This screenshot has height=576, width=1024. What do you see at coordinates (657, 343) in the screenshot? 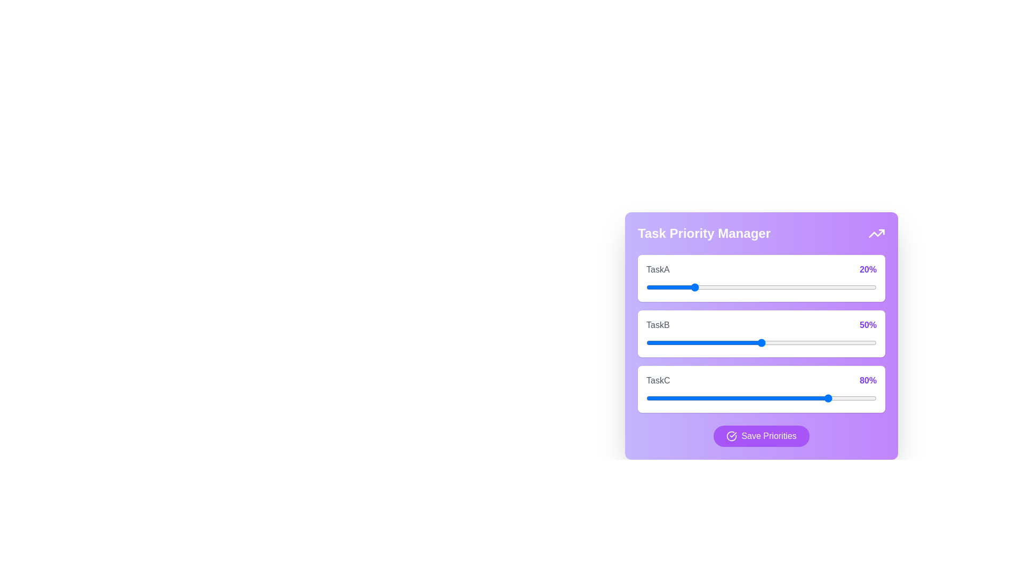
I see `the priority of 1 to 5% using the slider` at bounding box center [657, 343].